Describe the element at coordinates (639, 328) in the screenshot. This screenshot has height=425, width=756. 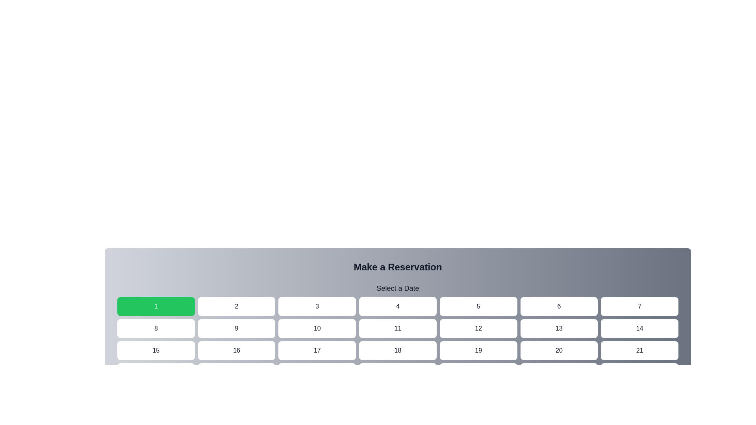
I see `the button labeled '14' with rounded corners and a white background, located in the second row and seventh column of the grid layout` at that location.